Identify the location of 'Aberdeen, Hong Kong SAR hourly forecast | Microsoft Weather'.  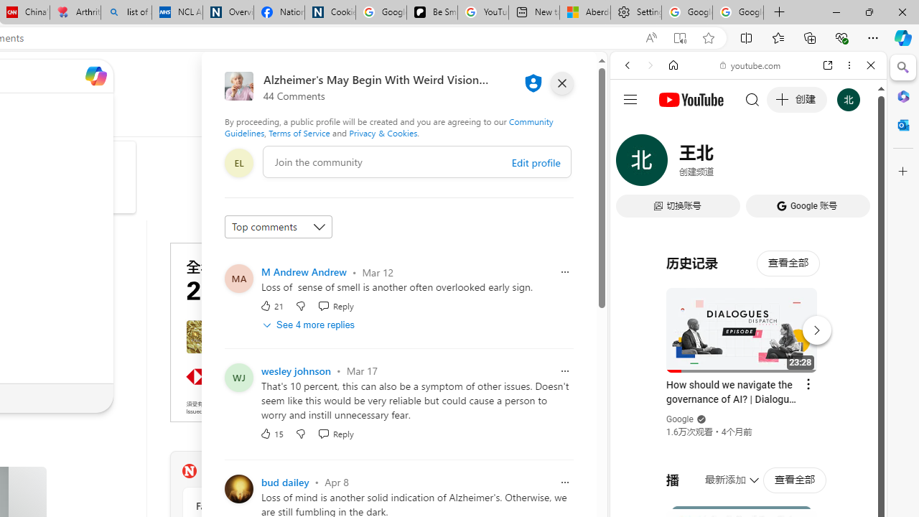
(584, 12).